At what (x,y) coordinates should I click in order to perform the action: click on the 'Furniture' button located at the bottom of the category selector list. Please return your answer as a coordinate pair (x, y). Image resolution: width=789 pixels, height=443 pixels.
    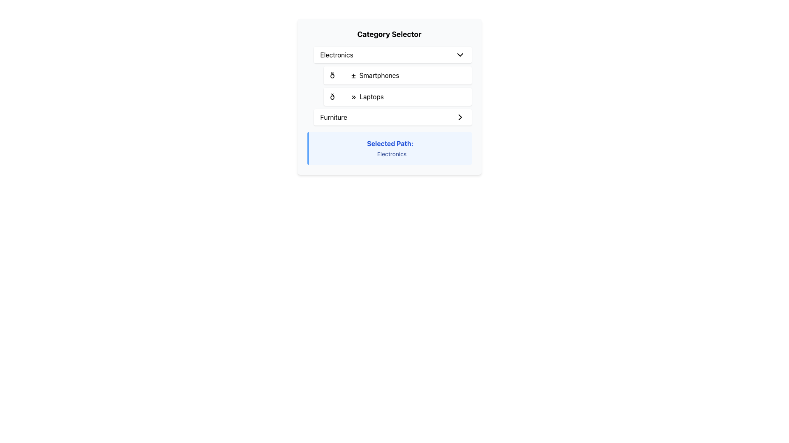
    Looking at the image, I should click on (392, 117).